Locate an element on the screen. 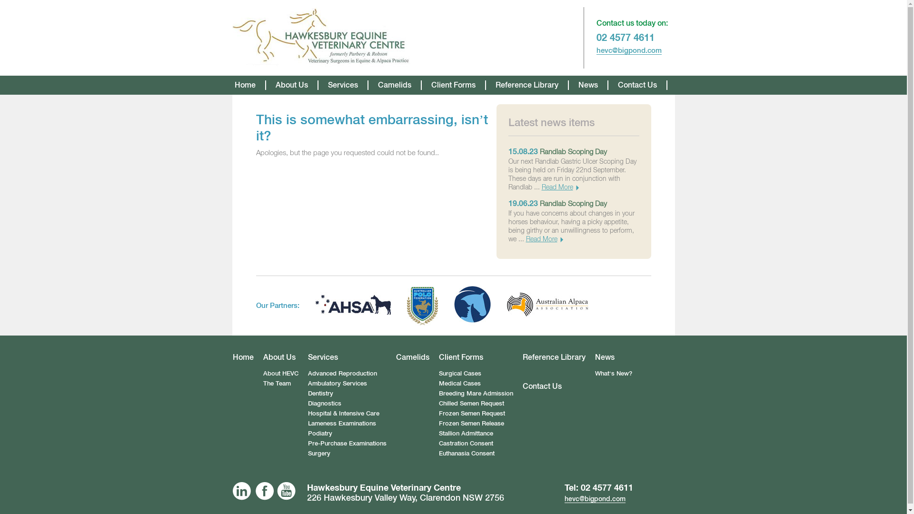  'Dentistry' is located at coordinates (320, 393).